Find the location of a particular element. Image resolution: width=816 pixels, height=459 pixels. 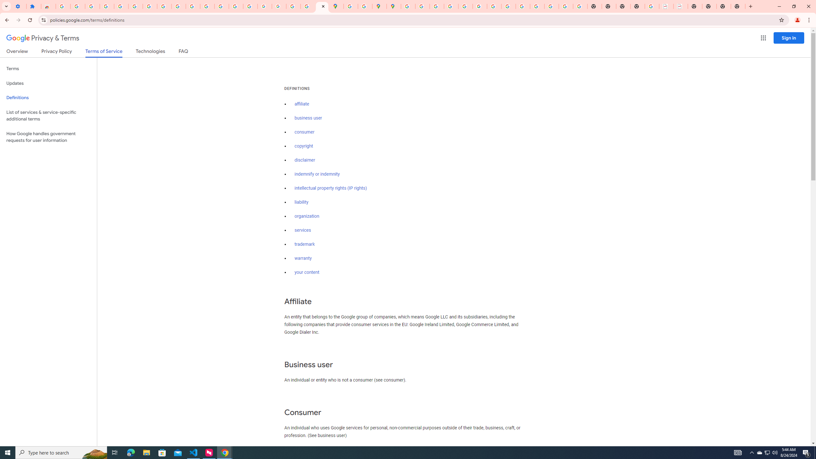

'Privacy Help Center - Policies Help' is located at coordinates (436, 6).